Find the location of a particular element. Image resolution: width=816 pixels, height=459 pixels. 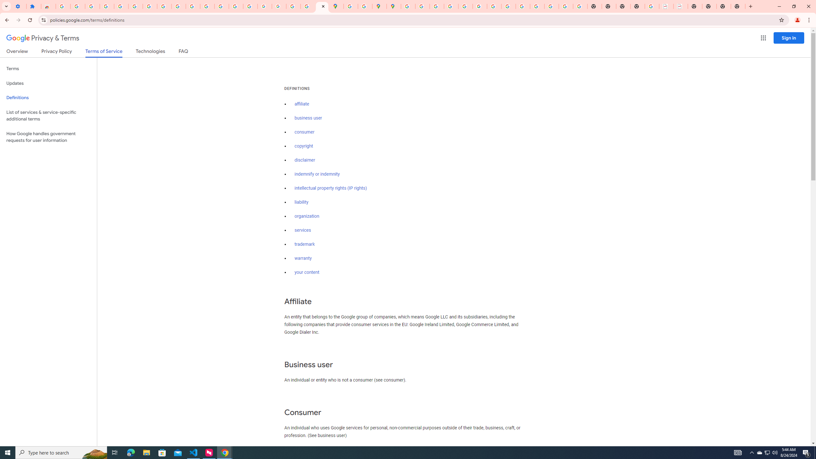

'Privacy Help Center - Policies Help' is located at coordinates (436, 6).